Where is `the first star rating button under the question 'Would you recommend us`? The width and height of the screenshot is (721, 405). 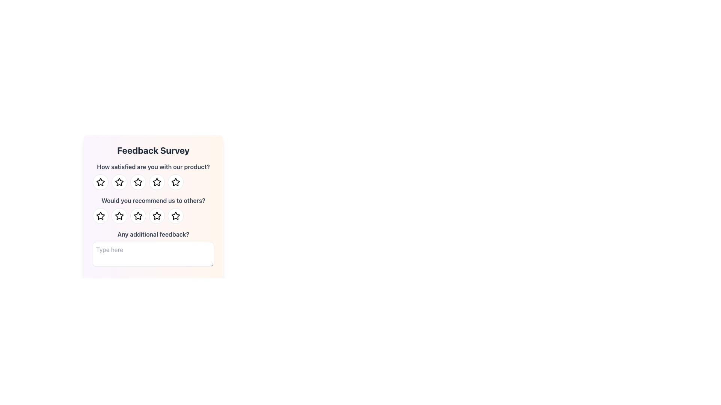 the first star rating button under the question 'Would you recommend us is located at coordinates (100, 216).